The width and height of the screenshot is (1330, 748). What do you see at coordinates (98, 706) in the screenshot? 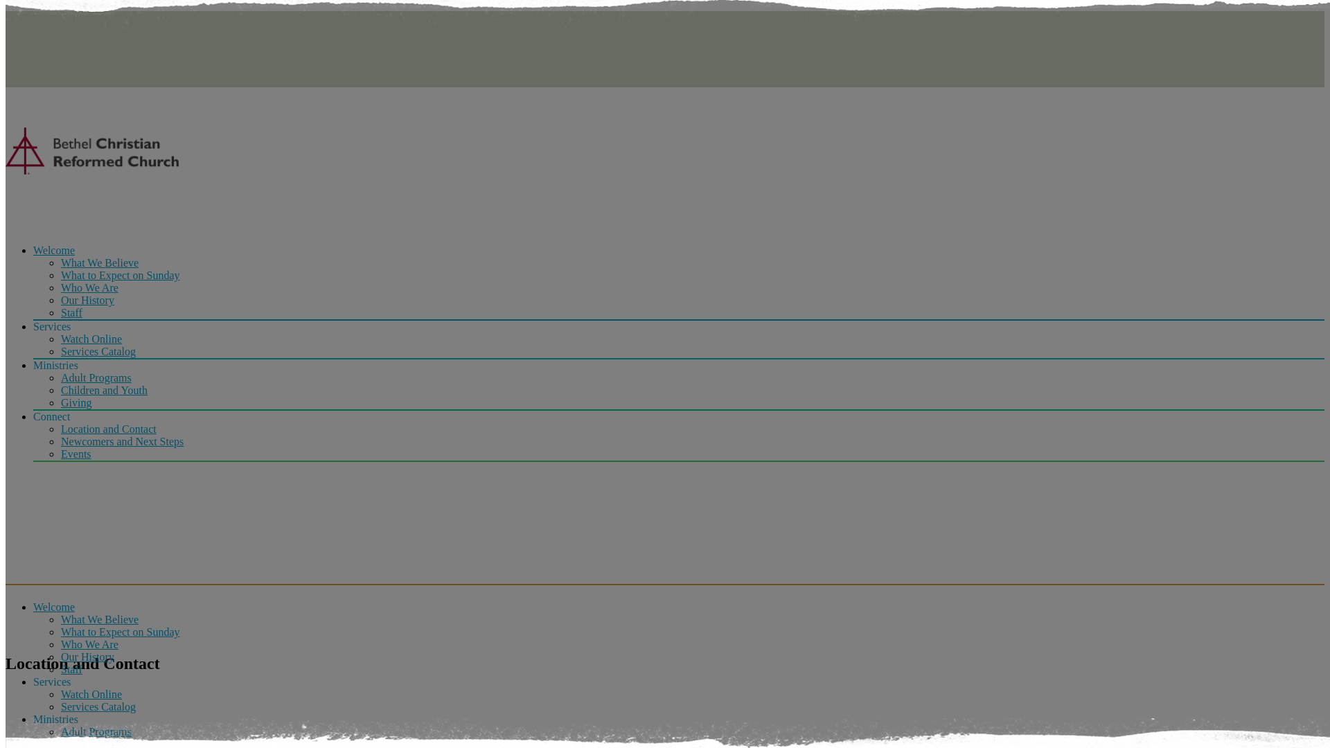
I see `'Services Catalog'` at bounding box center [98, 706].